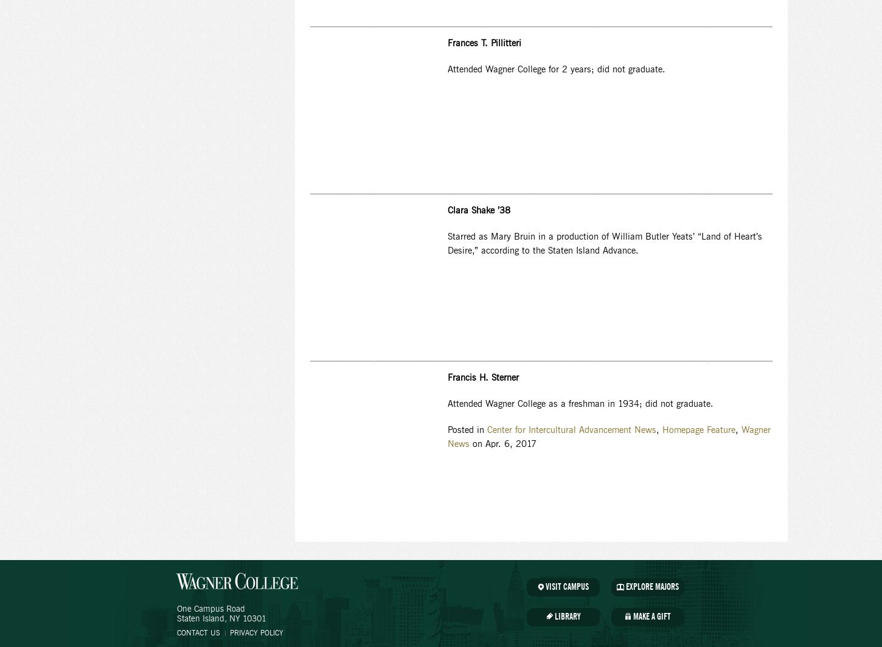 This screenshot has width=882, height=647. Describe the element at coordinates (698, 431) in the screenshot. I see `'Homepage Feature'` at that location.